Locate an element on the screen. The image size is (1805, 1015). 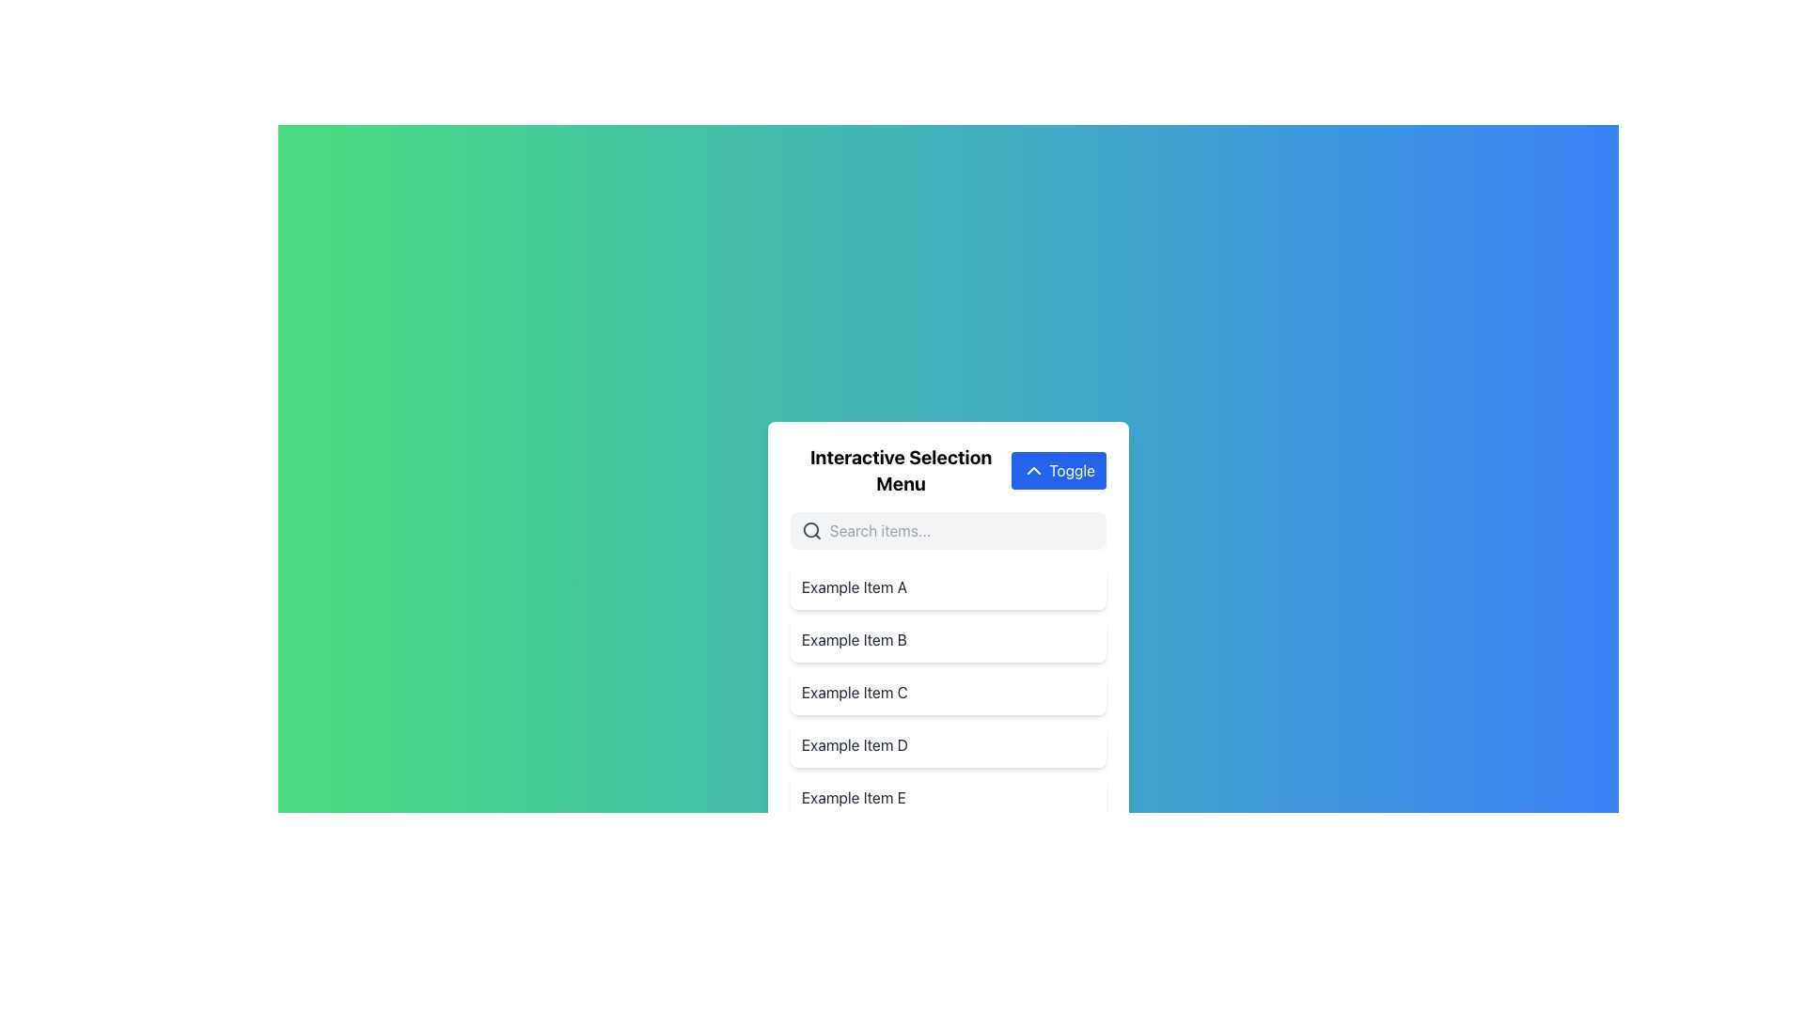
the circular outline of the magnifying glass icon located within the search interface, positioned to the left of the input box is located at coordinates (811, 530).